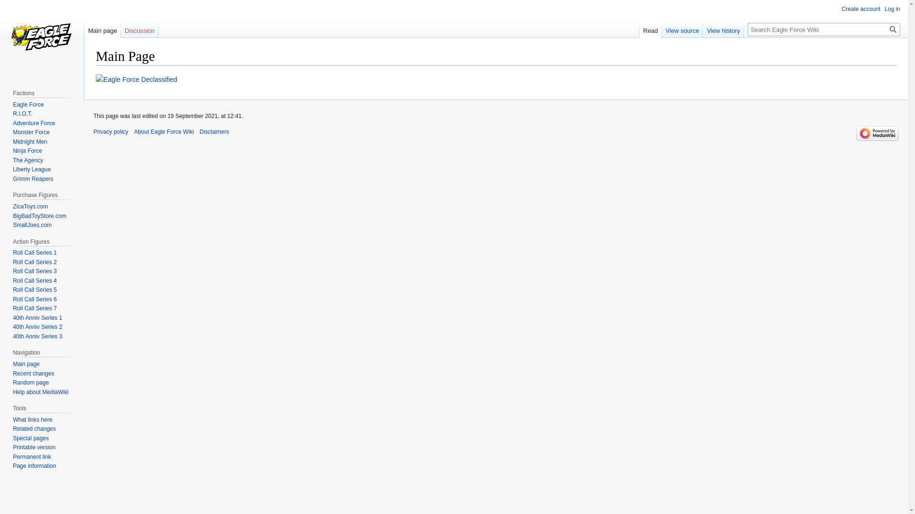 This screenshot has width=915, height=514. What do you see at coordinates (163, 132) in the screenshot?
I see `'About Eagle Force Wiki'` at bounding box center [163, 132].